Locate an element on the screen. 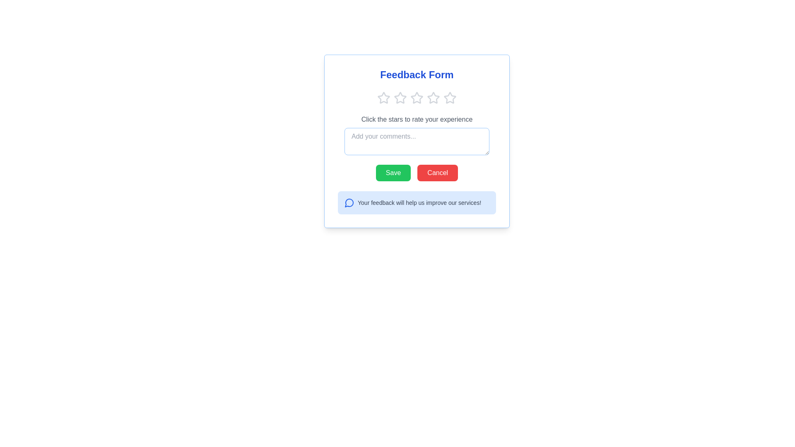 The height and width of the screenshot is (447, 795). the emphasized third star icon in the feedback form section is located at coordinates (417, 97).